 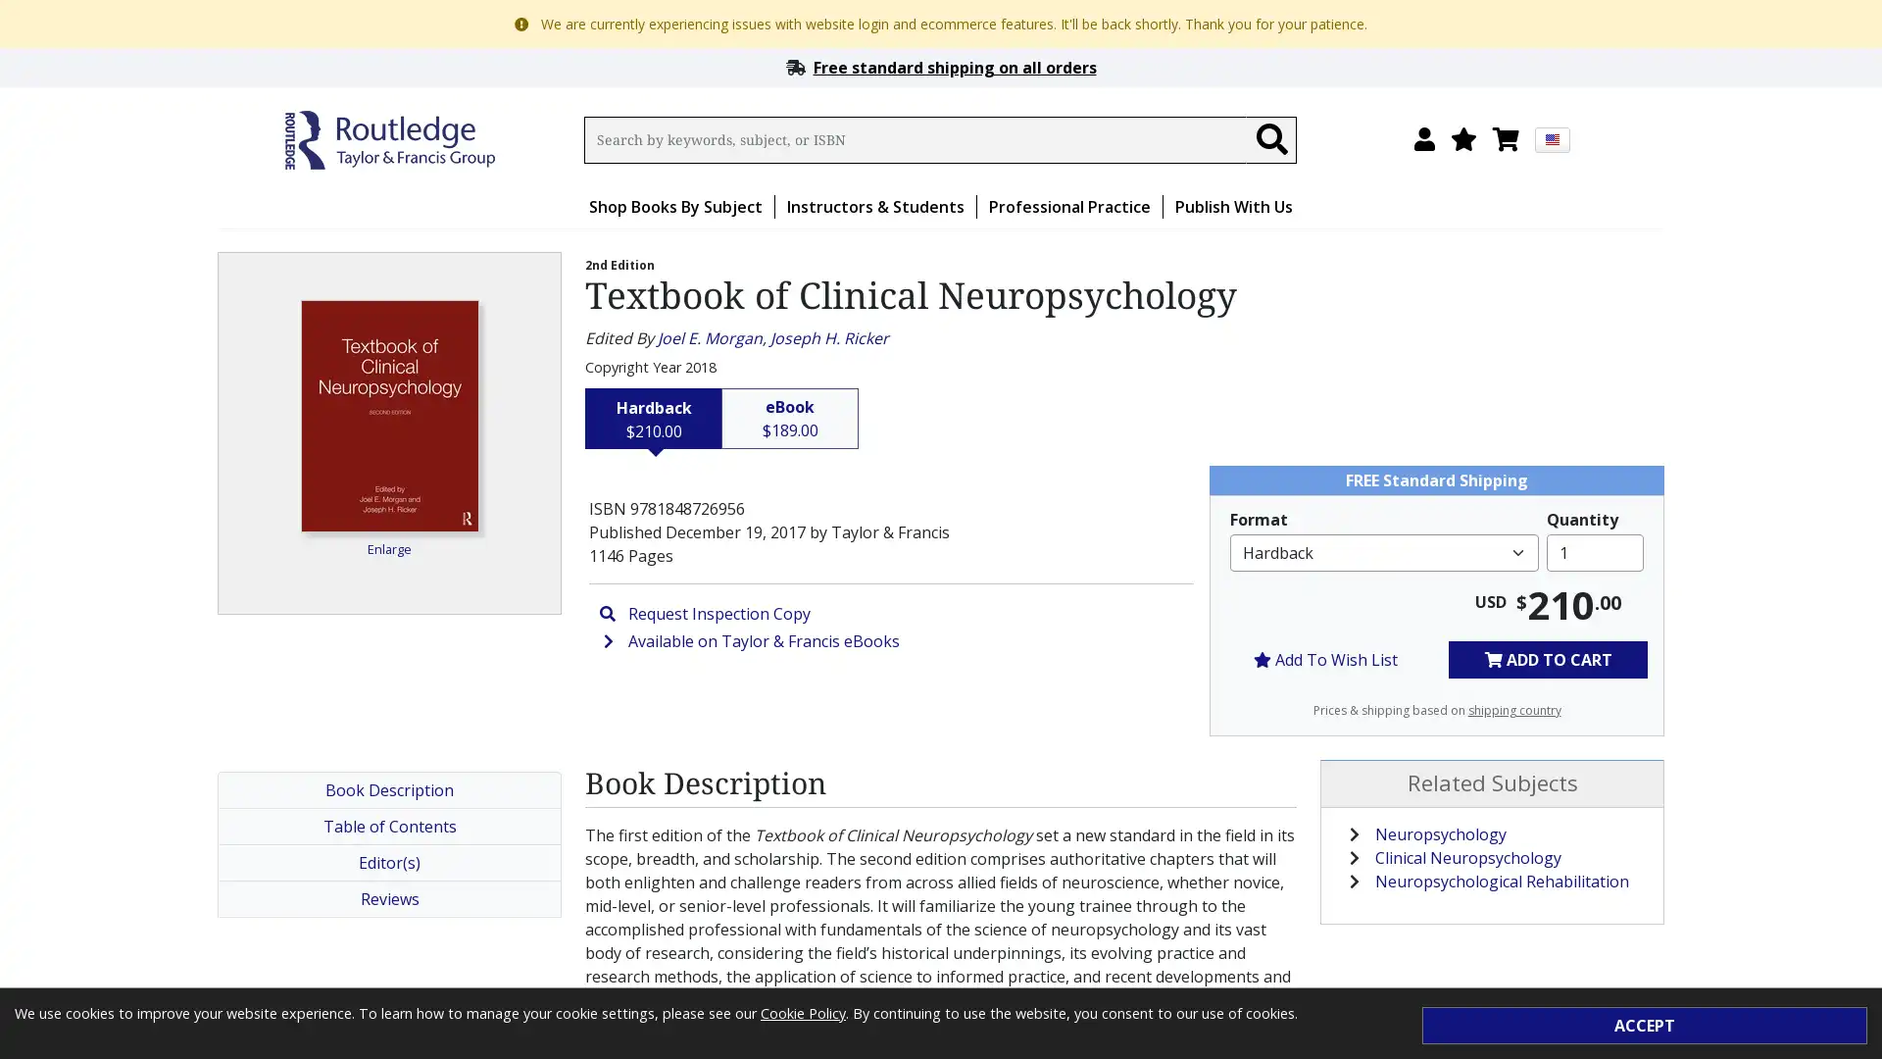 What do you see at coordinates (790, 418) in the screenshot?
I see `eBook $189.00` at bounding box center [790, 418].